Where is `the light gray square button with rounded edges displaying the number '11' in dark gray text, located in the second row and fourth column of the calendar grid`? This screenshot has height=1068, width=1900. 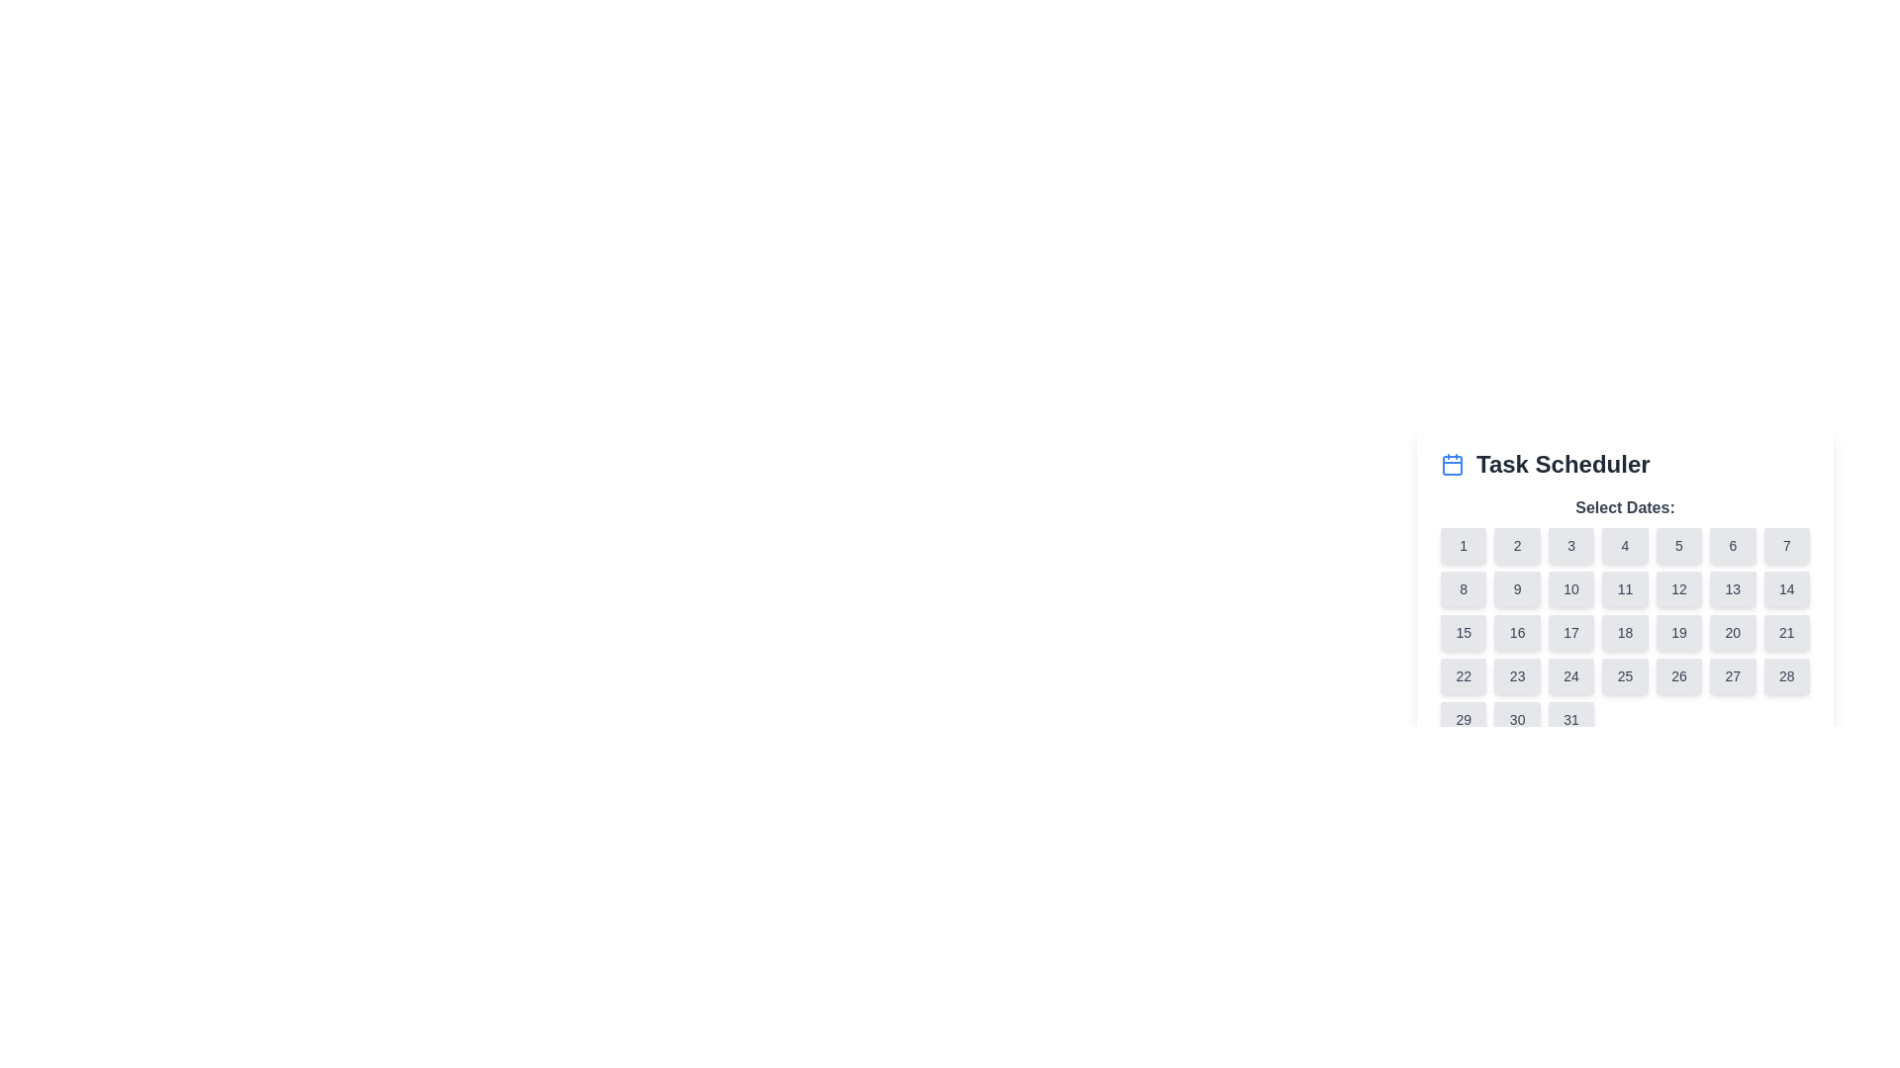 the light gray square button with rounded edges displaying the number '11' in dark gray text, located in the second row and fourth column of the calendar grid is located at coordinates (1625, 588).